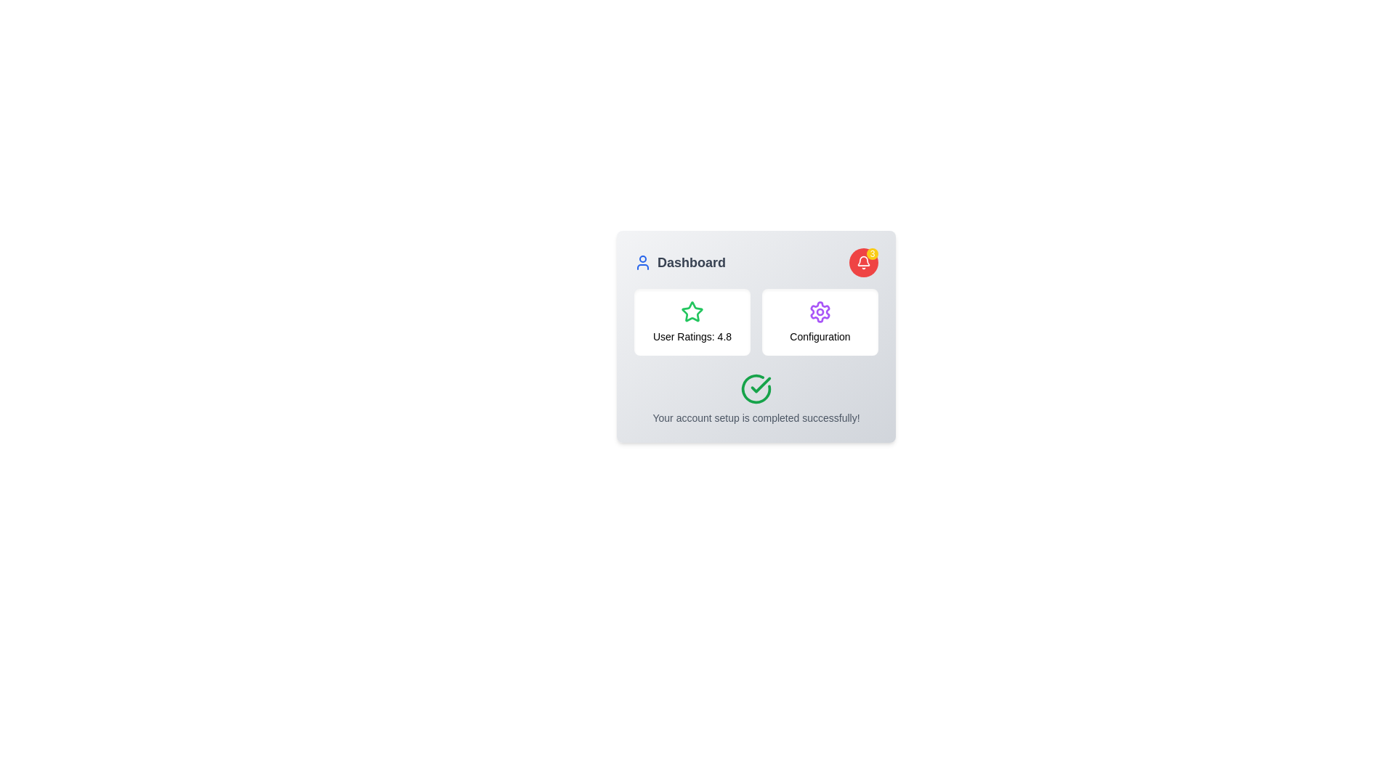 This screenshot has width=1395, height=784. Describe the element at coordinates (760, 384) in the screenshot. I see `the checkmark icon located in the confirmation section of the card, which indicates task completion or success` at that location.